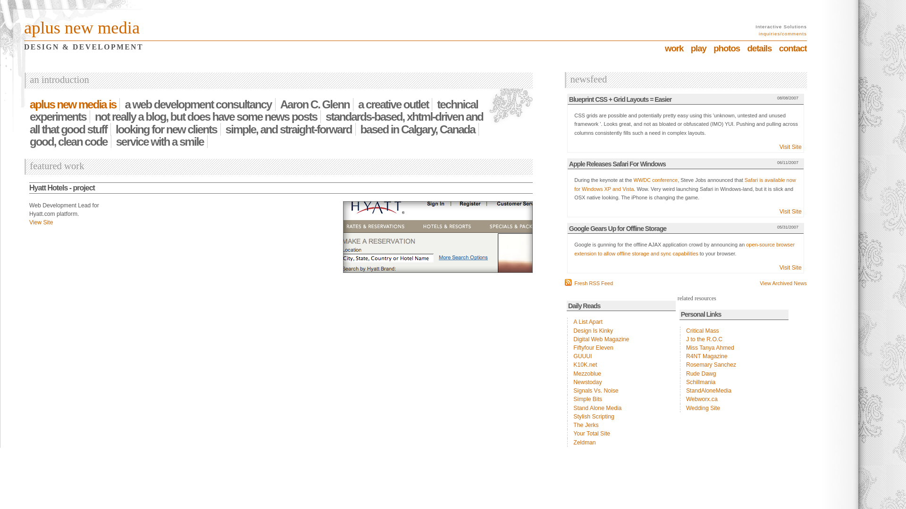 This screenshot has width=906, height=509. I want to click on 'contact', so click(793, 48).